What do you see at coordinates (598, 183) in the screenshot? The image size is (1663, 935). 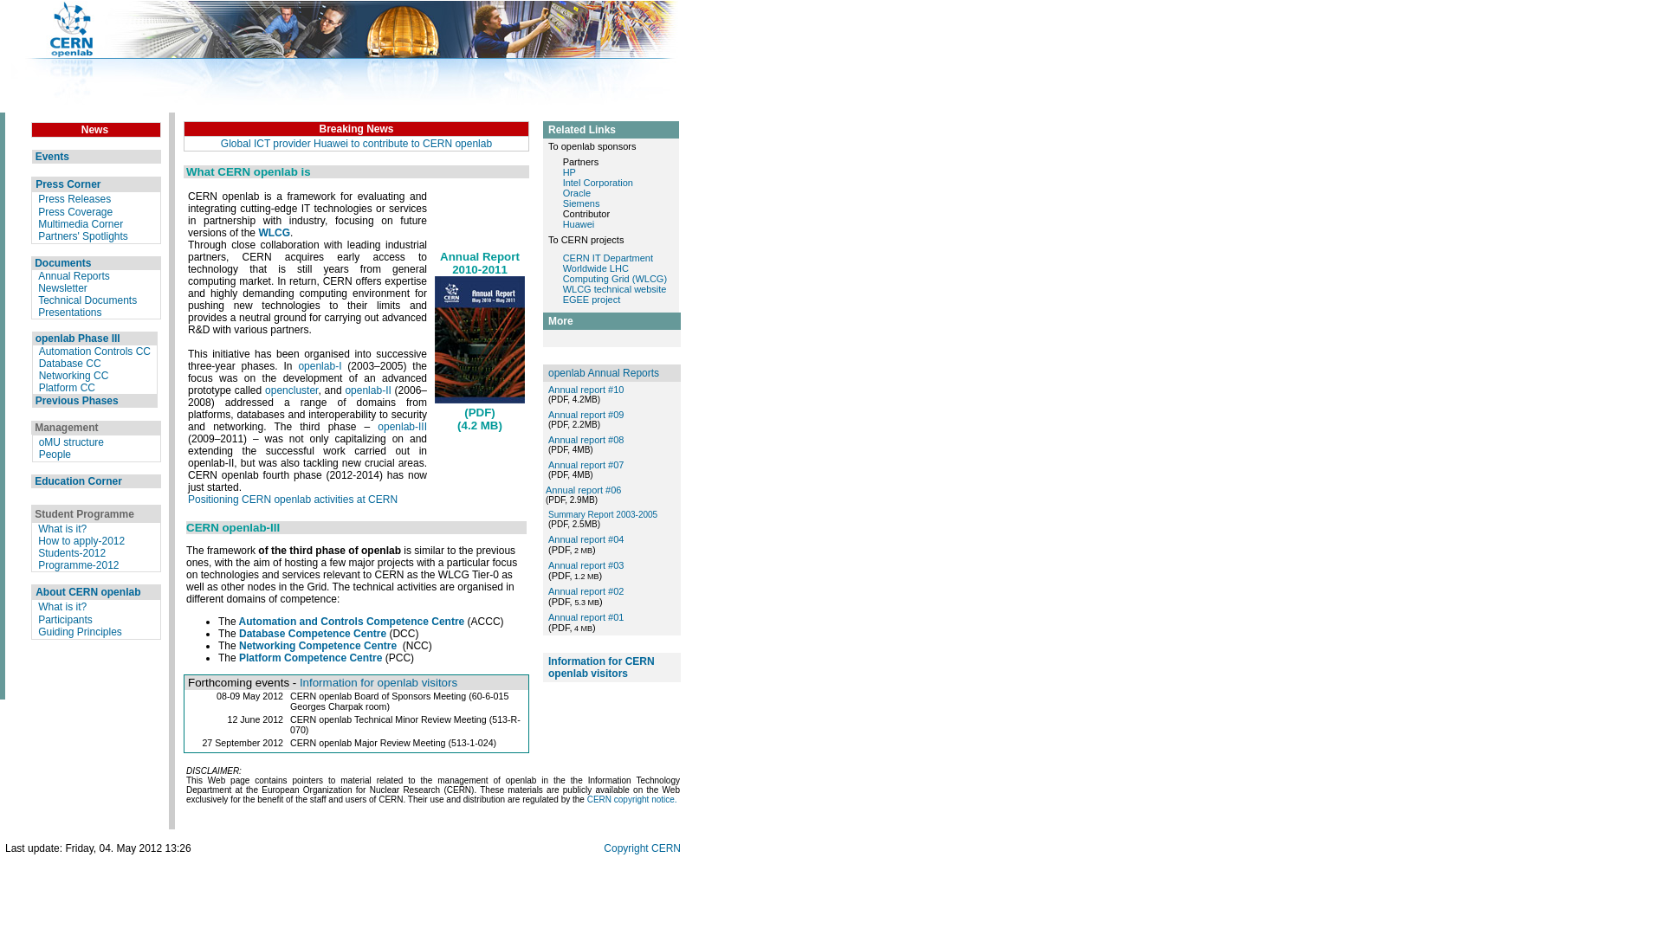 I see `'Intel Corporation'` at bounding box center [598, 183].